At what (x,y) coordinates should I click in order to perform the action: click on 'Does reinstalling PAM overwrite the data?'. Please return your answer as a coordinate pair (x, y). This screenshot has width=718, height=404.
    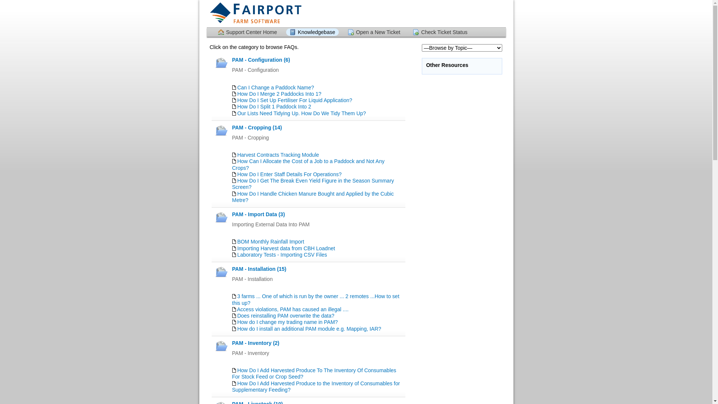
    Looking at the image, I should click on (236, 316).